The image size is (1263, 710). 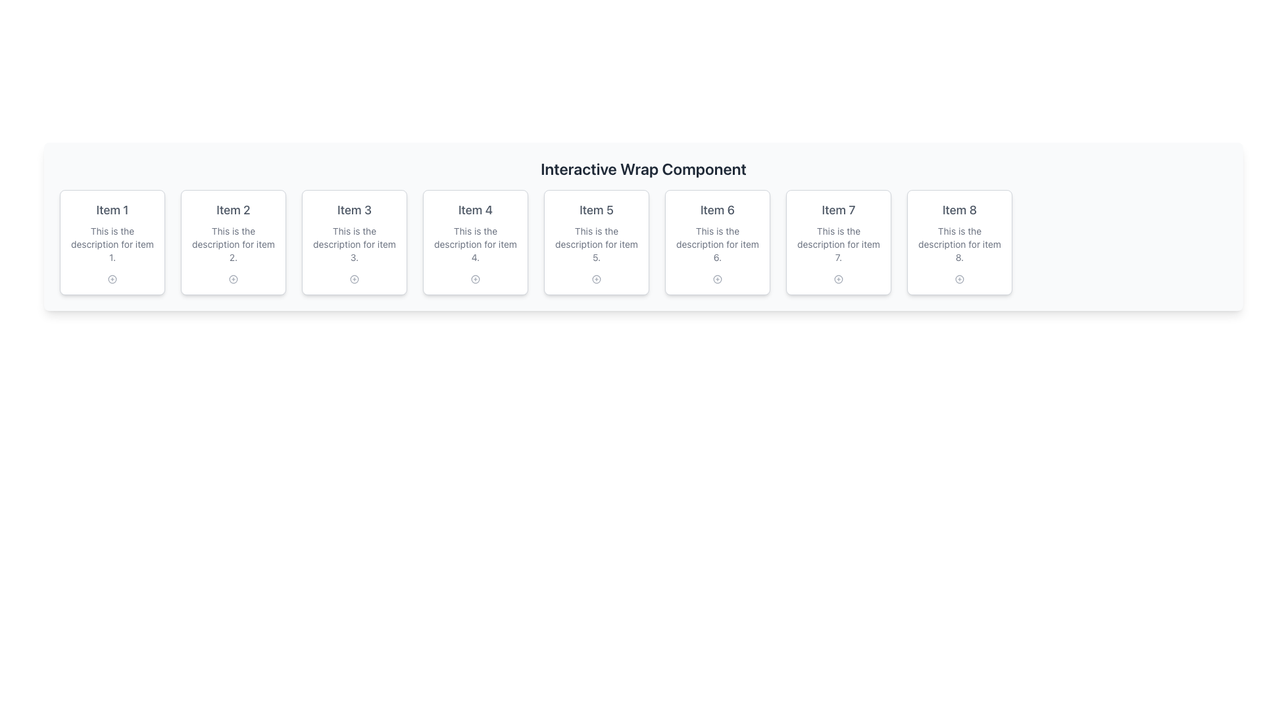 What do you see at coordinates (234, 278) in the screenshot?
I see `the Icon button located below the text content of the 'Item 2' tile` at bounding box center [234, 278].